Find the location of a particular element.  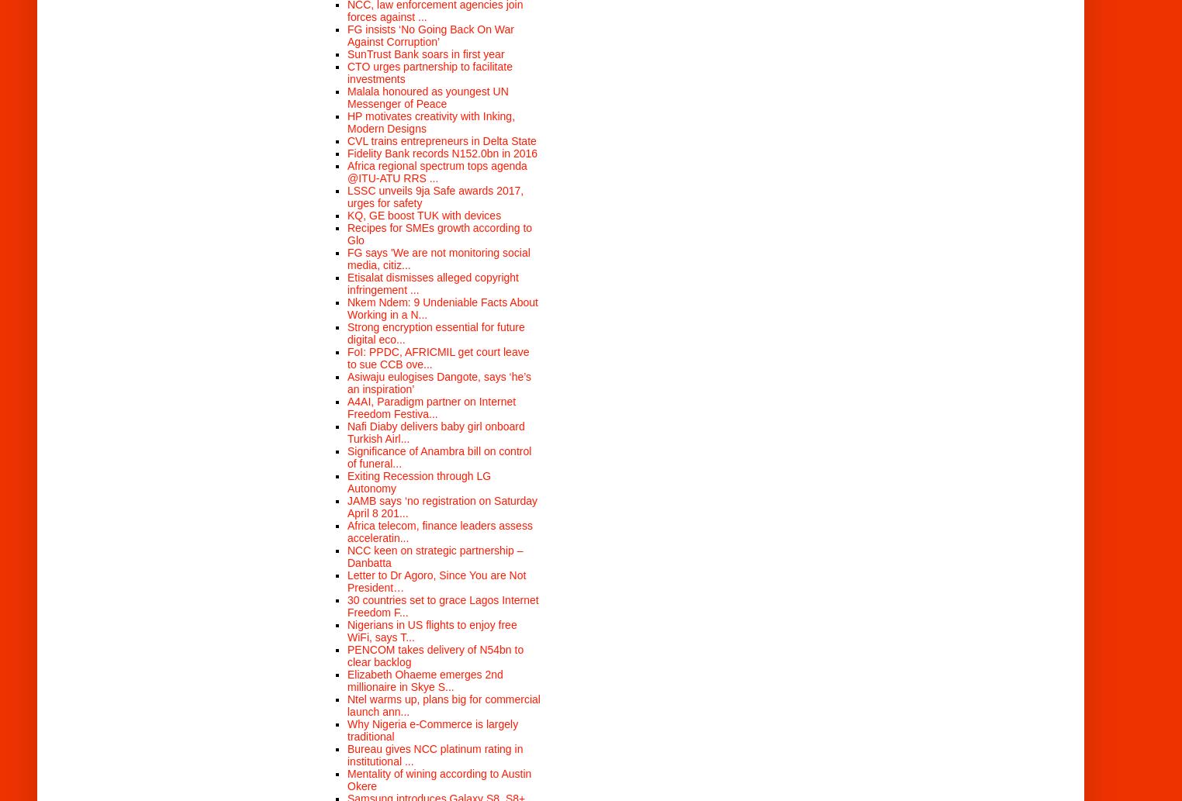

'Nigerians in US flights to enjoy free WiFi, says T...' is located at coordinates (347, 630).